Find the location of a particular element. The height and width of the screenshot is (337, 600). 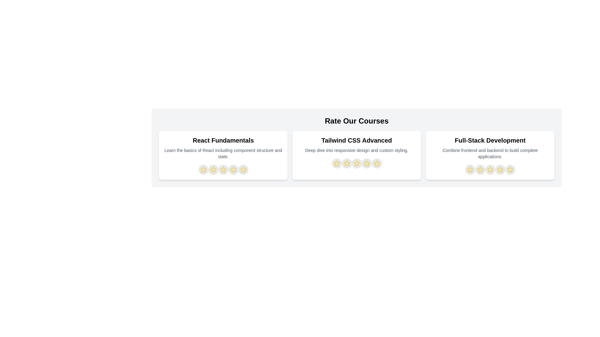

the star representing 4 stars for the course titled Full-Stack Development is located at coordinates (500, 169).